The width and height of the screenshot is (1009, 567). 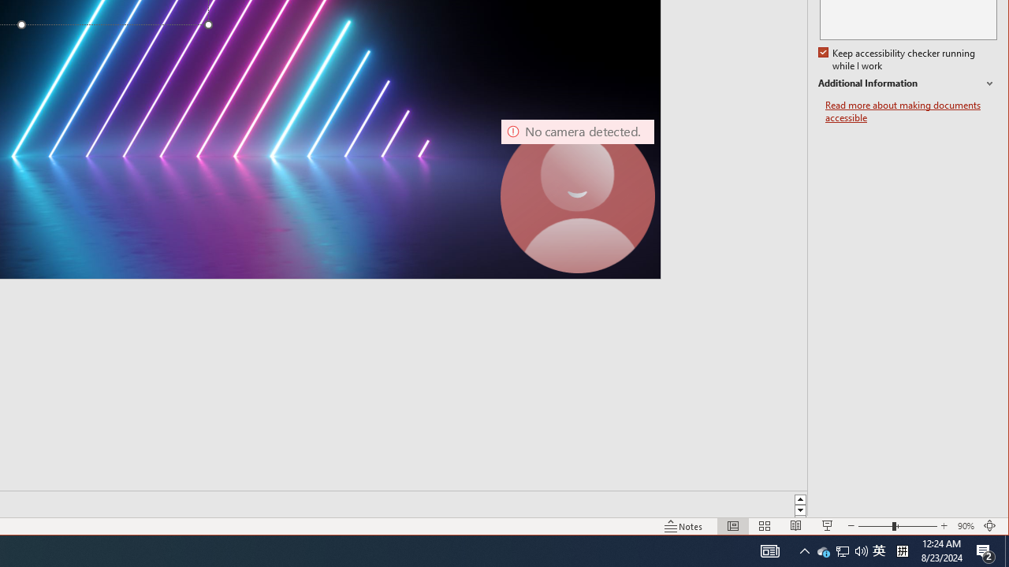 I want to click on 'Tray Input Indicator - Chinese (Simplified, China)', so click(x=874, y=526).